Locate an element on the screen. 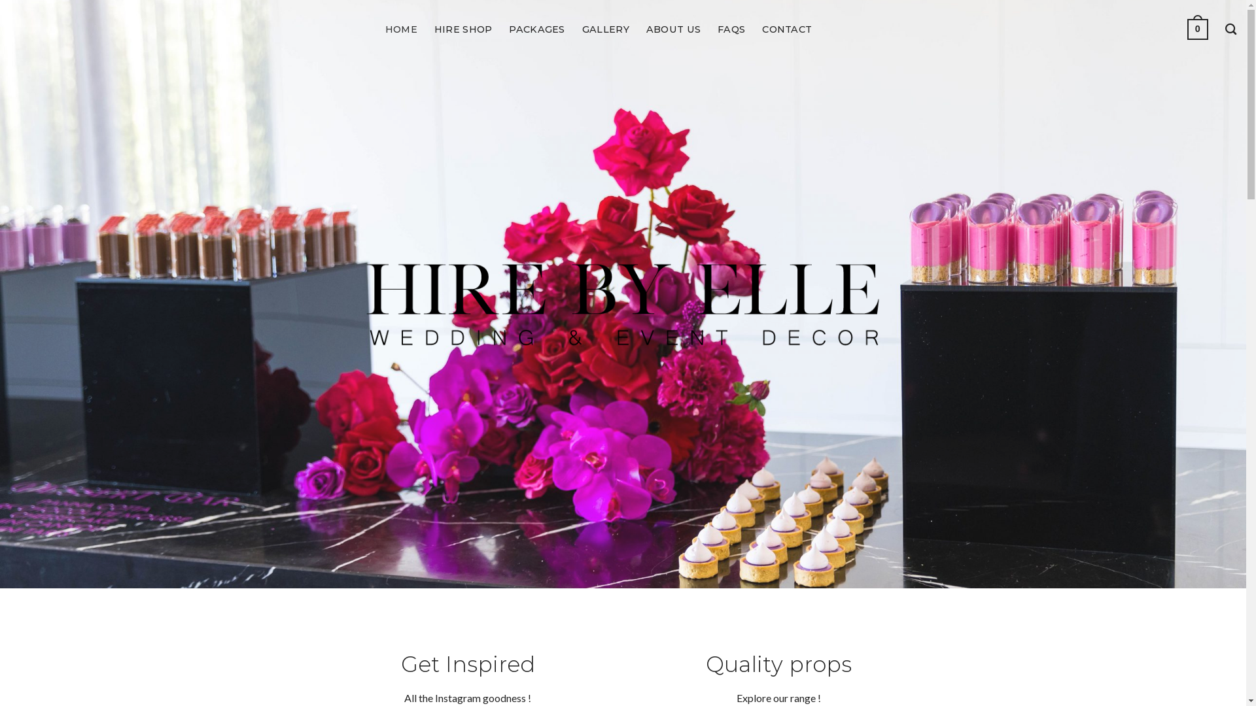 This screenshot has height=706, width=1256. '0' is located at coordinates (1197, 29).